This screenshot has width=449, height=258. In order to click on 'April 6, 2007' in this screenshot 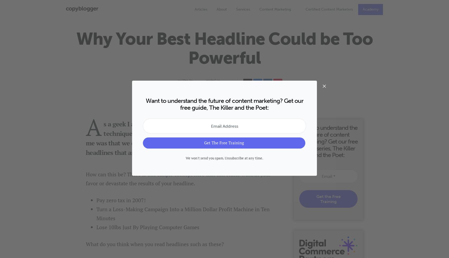, I will do `click(217, 86)`.